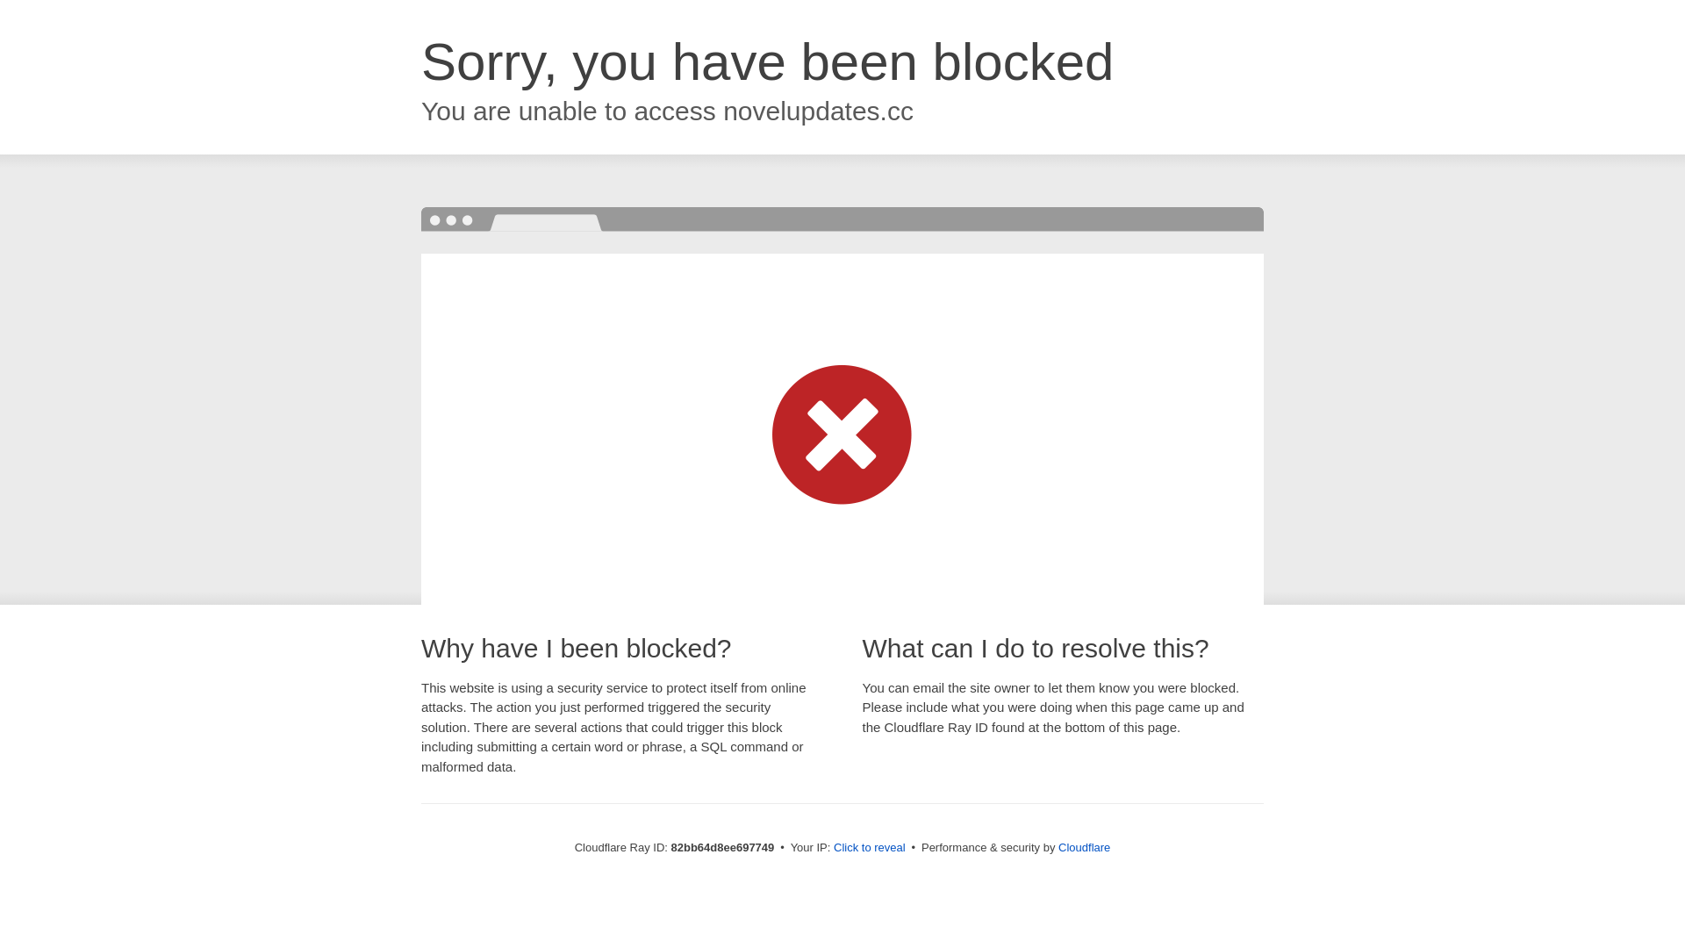  What do you see at coordinates (1083, 846) in the screenshot?
I see `'Cloudflare'` at bounding box center [1083, 846].